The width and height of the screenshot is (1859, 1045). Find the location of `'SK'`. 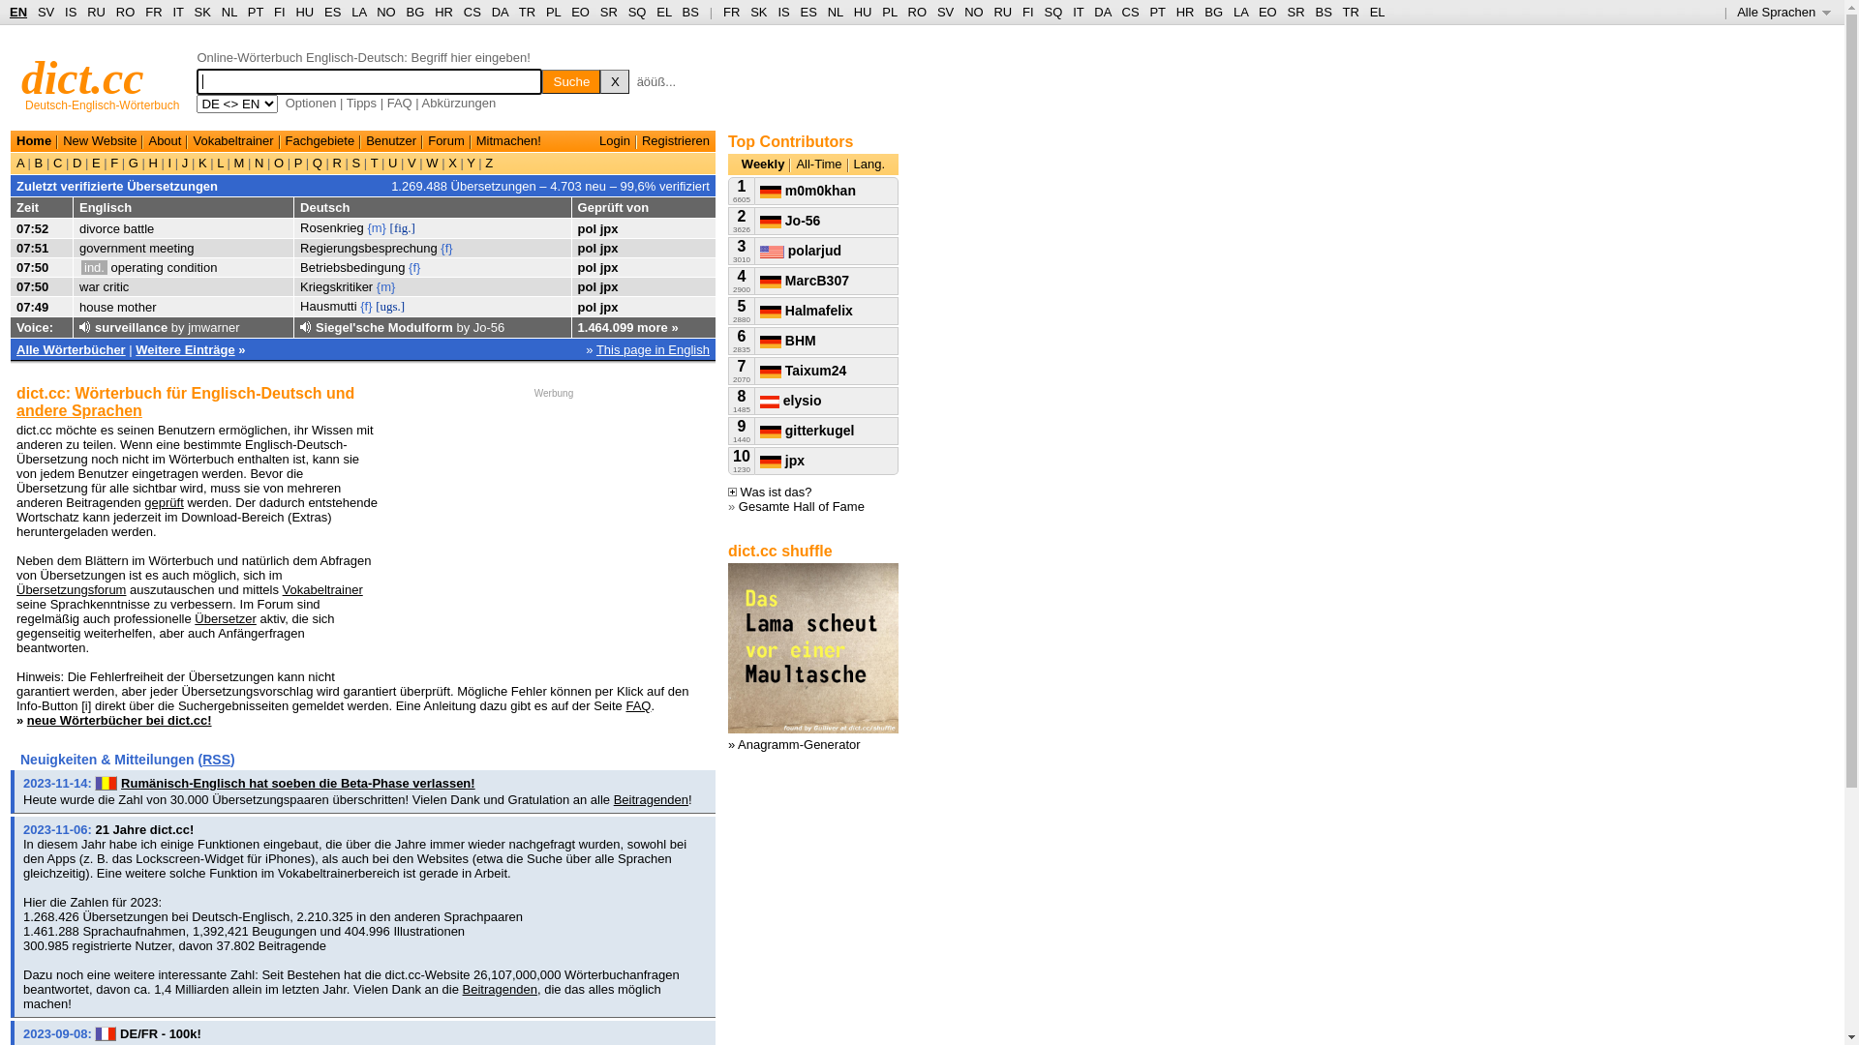

'SK' is located at coordinates (202, 12).